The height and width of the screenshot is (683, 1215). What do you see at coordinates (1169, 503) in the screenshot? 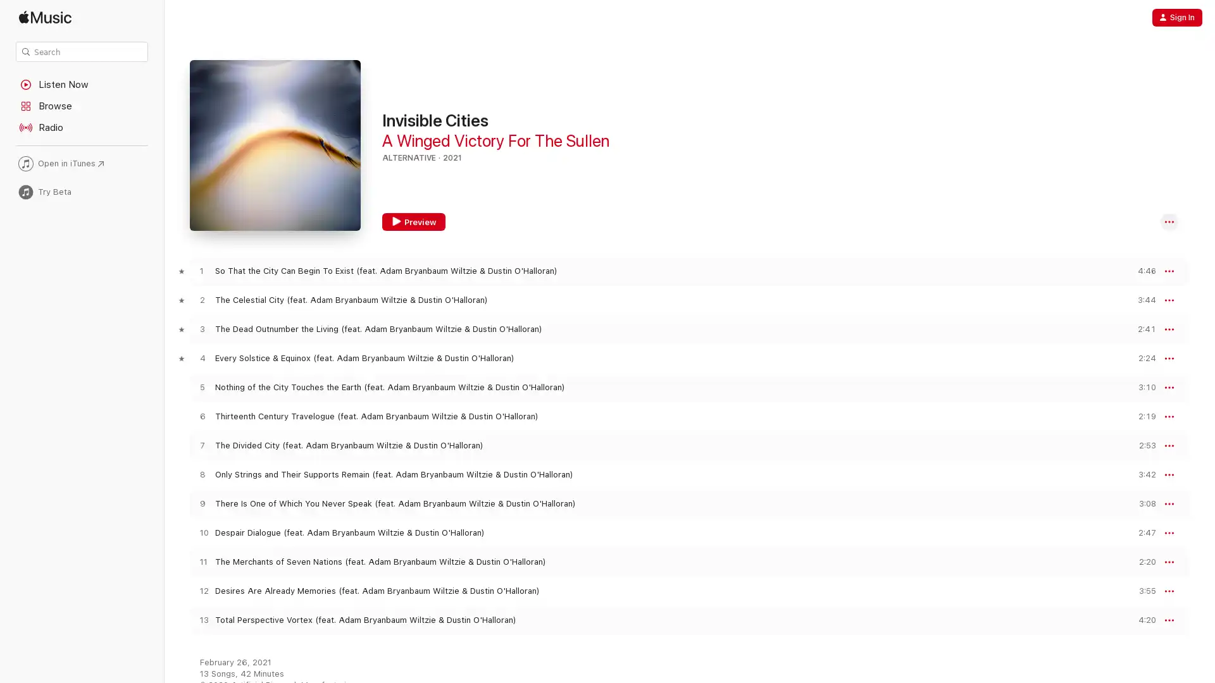
I see `More` at bounding box center [1169, 503].